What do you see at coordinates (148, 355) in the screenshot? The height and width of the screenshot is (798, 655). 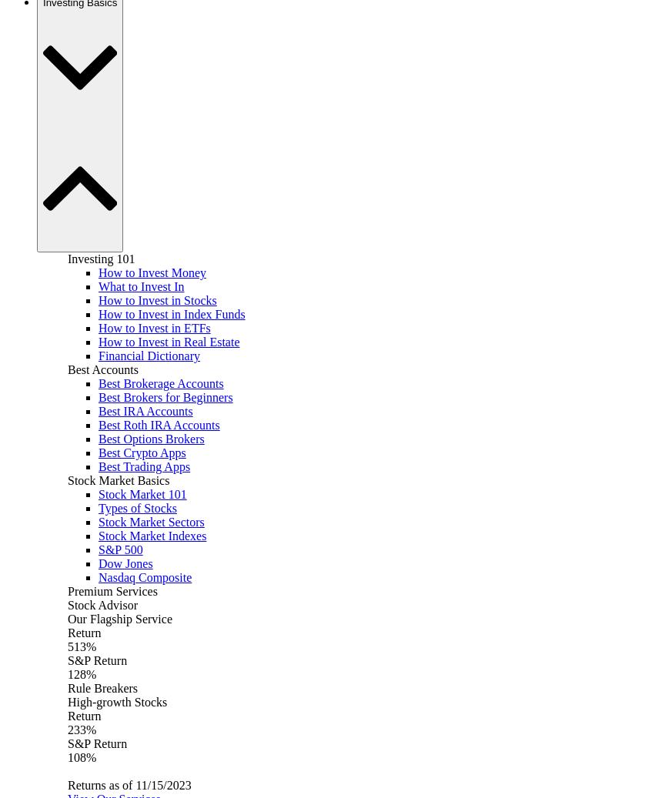 I see `'Financial Dictionary'` at bounding box center [148, 355].